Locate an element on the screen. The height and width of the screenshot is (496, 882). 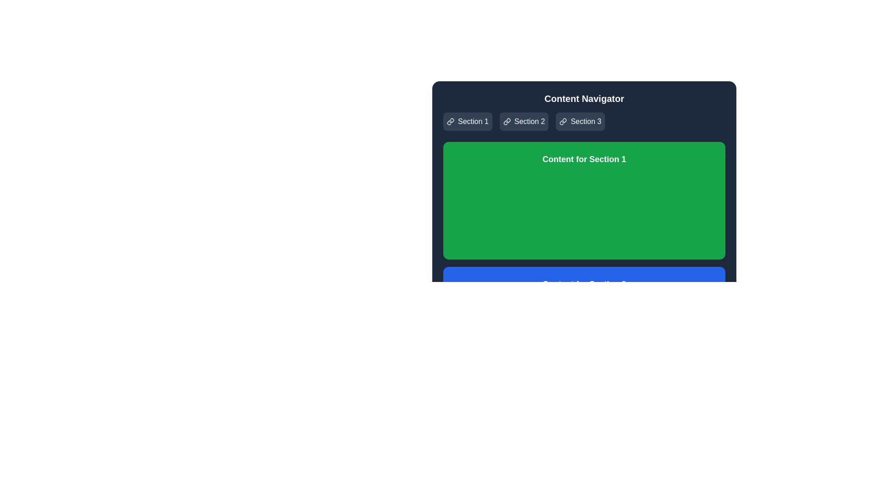
text label that serves as a descriptive title for the section located within the blue section element ('section-2'), which is centered within the section is located at coordinates (584, 283).